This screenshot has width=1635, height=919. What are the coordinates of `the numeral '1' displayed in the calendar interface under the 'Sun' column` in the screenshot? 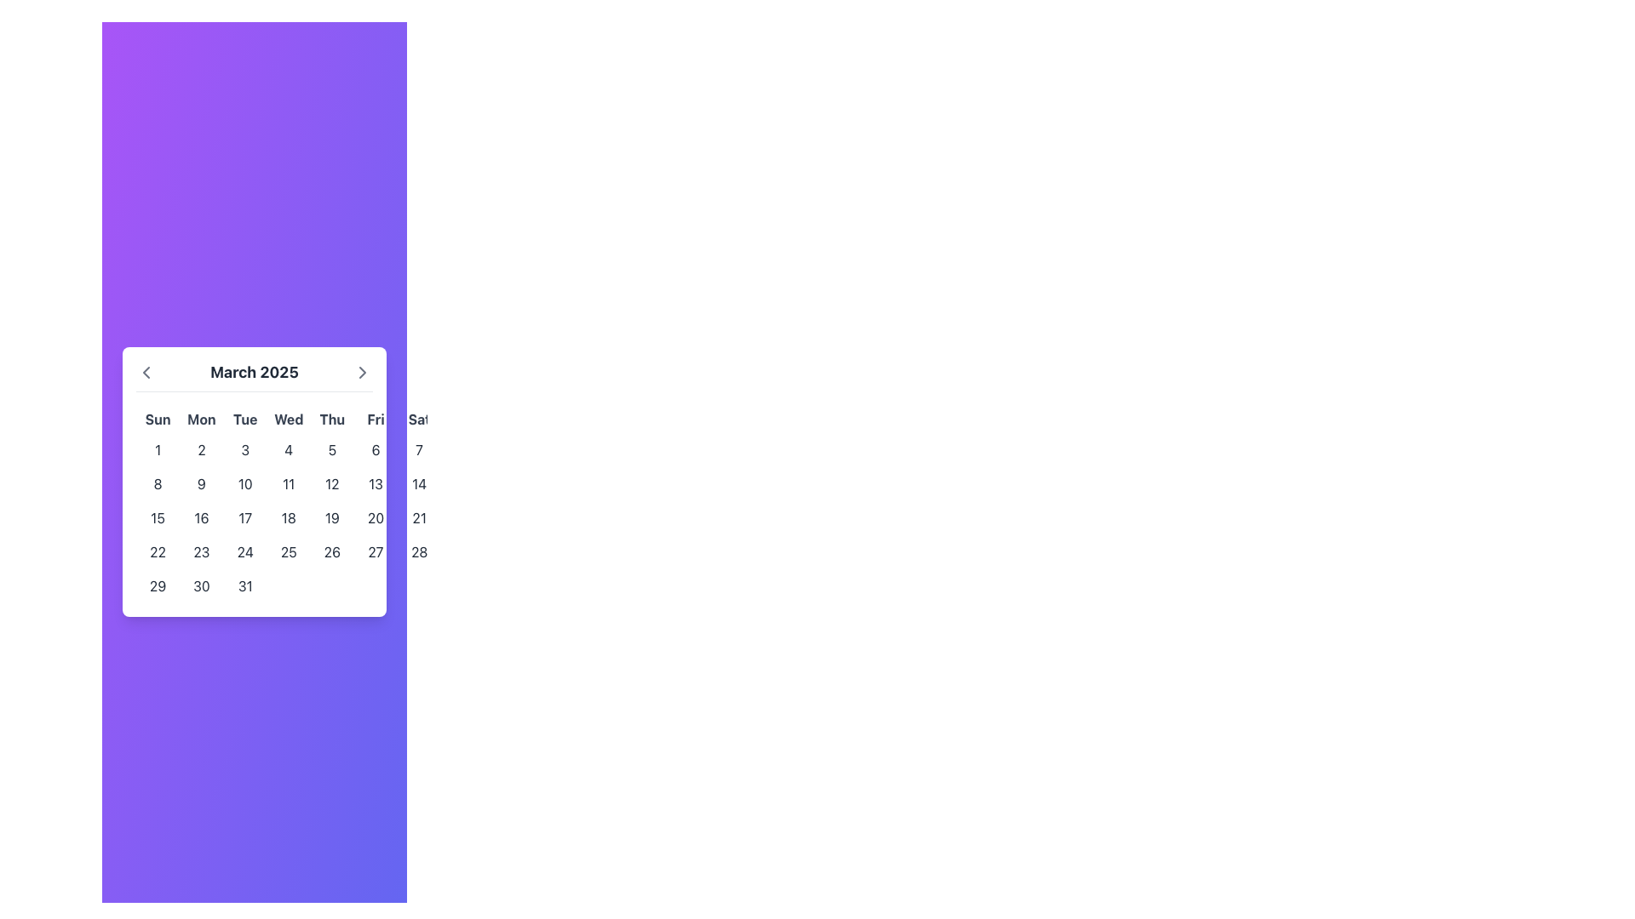 It's located at (158, 448).